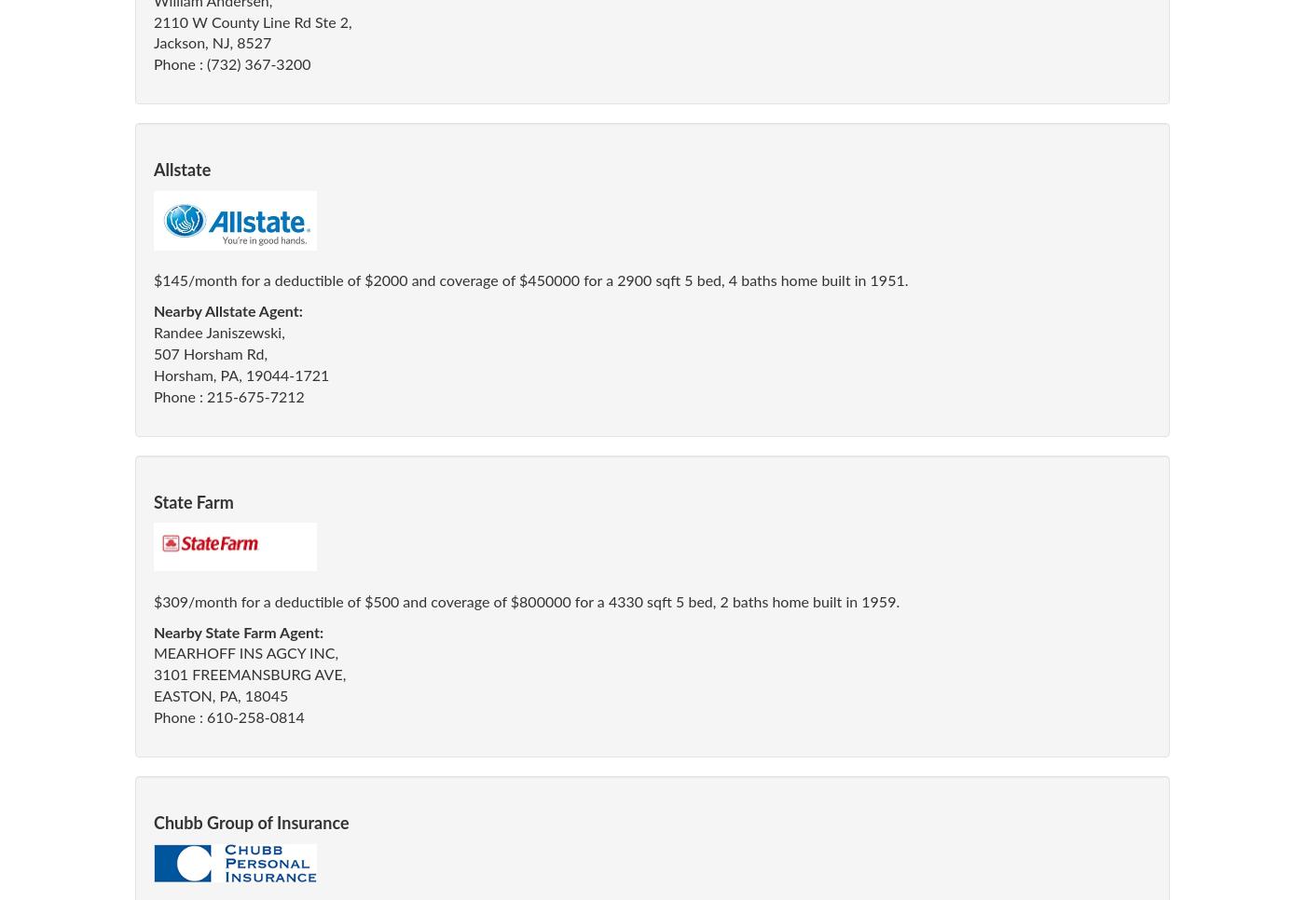 The image size is (1305, 900). Describe the element at coordinates (154, 20) in the screenshot. I see `'2110 W County Line Rd Ste 2,'` at that location.